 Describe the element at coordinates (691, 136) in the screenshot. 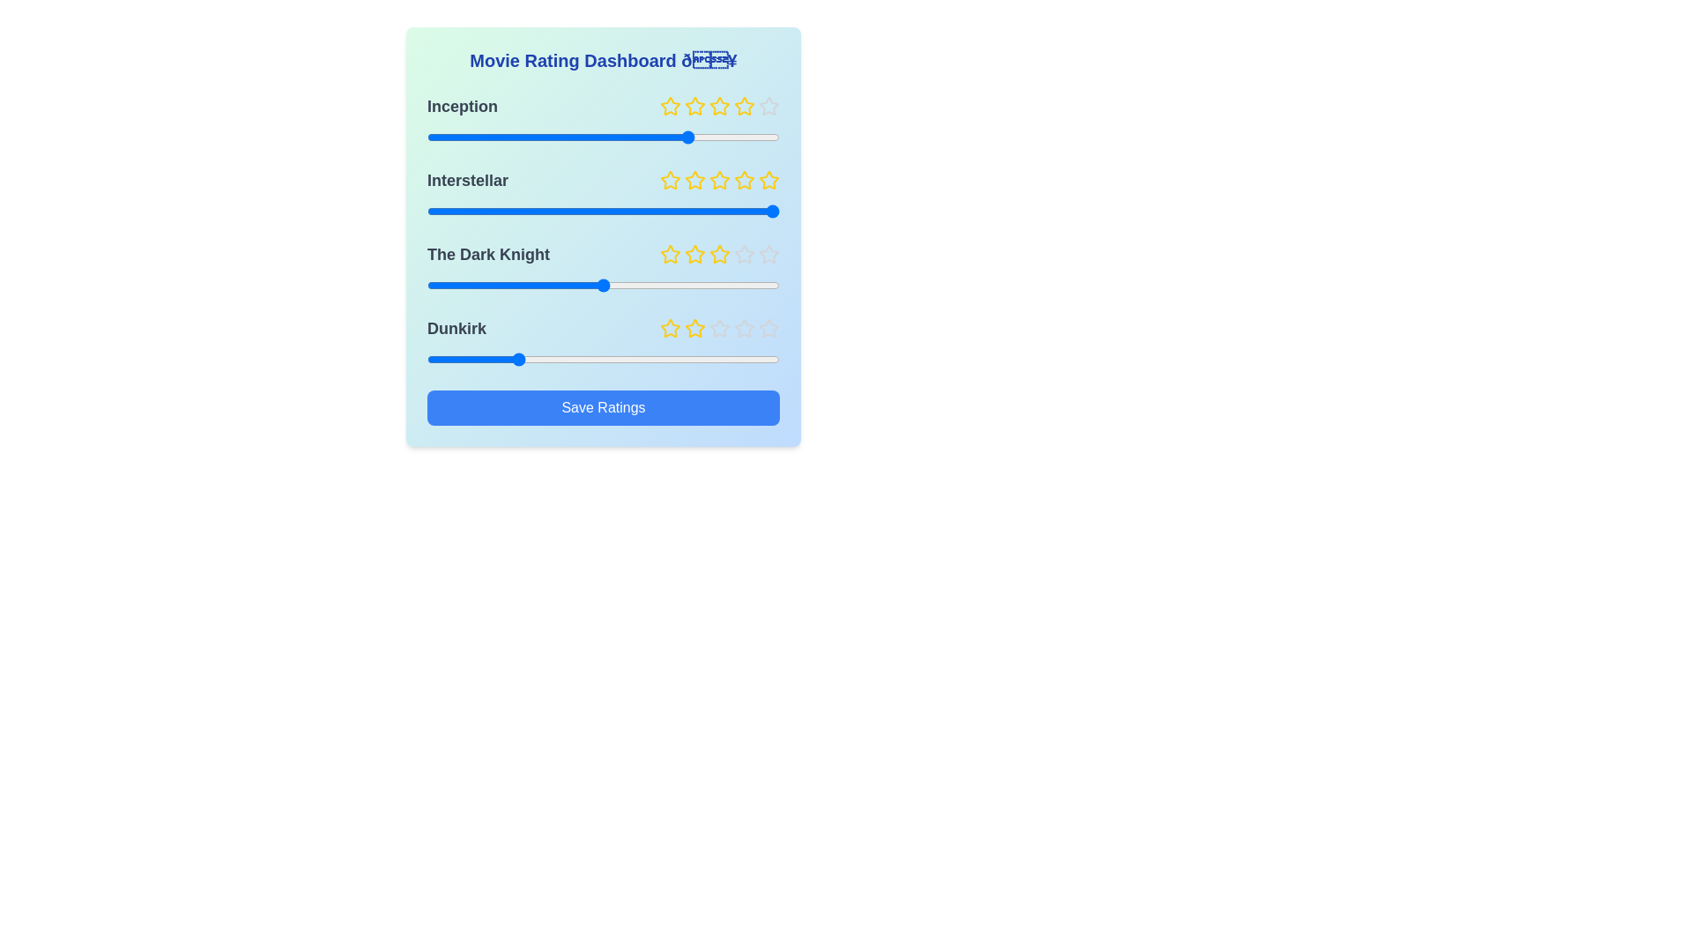

I see `the slider for the movie 'Inception' to set the rating to 4` at that location.